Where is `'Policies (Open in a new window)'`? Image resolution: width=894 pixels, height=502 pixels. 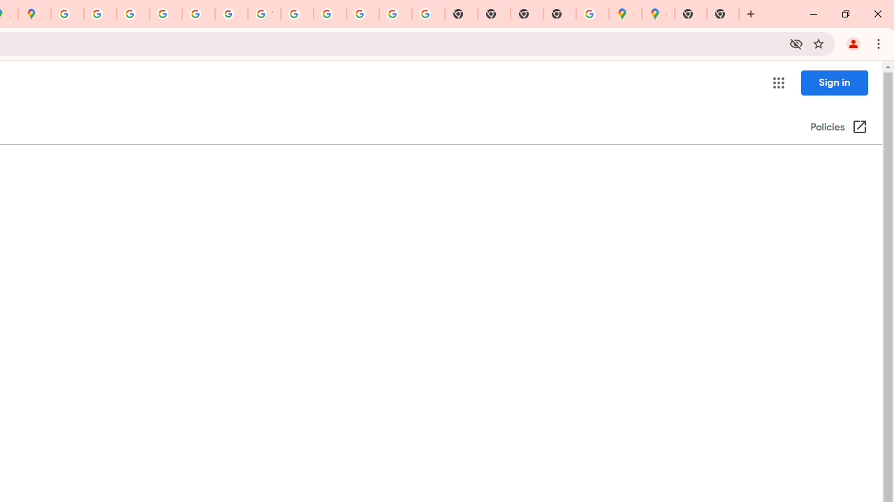
'Policies (Open in a new window)' is located at coordinates (838, 128).